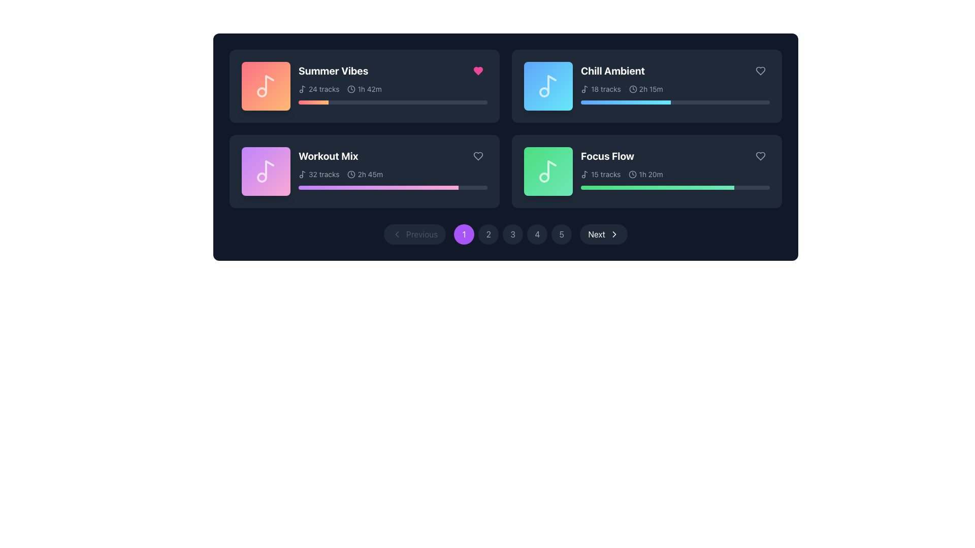 The height and width of the screenshot is (548, 975). I want to click on the fifth pagination button located at the bottom-center of the interface, so click(561, 234).